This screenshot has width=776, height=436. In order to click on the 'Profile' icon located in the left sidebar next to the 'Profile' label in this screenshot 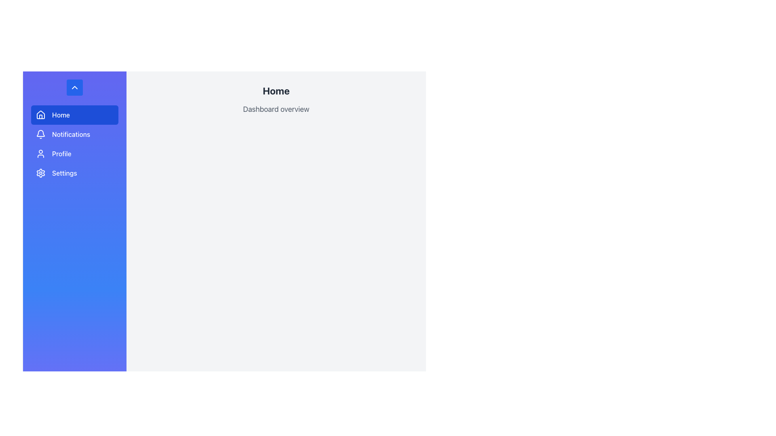, I will do `click(40, 154)`.